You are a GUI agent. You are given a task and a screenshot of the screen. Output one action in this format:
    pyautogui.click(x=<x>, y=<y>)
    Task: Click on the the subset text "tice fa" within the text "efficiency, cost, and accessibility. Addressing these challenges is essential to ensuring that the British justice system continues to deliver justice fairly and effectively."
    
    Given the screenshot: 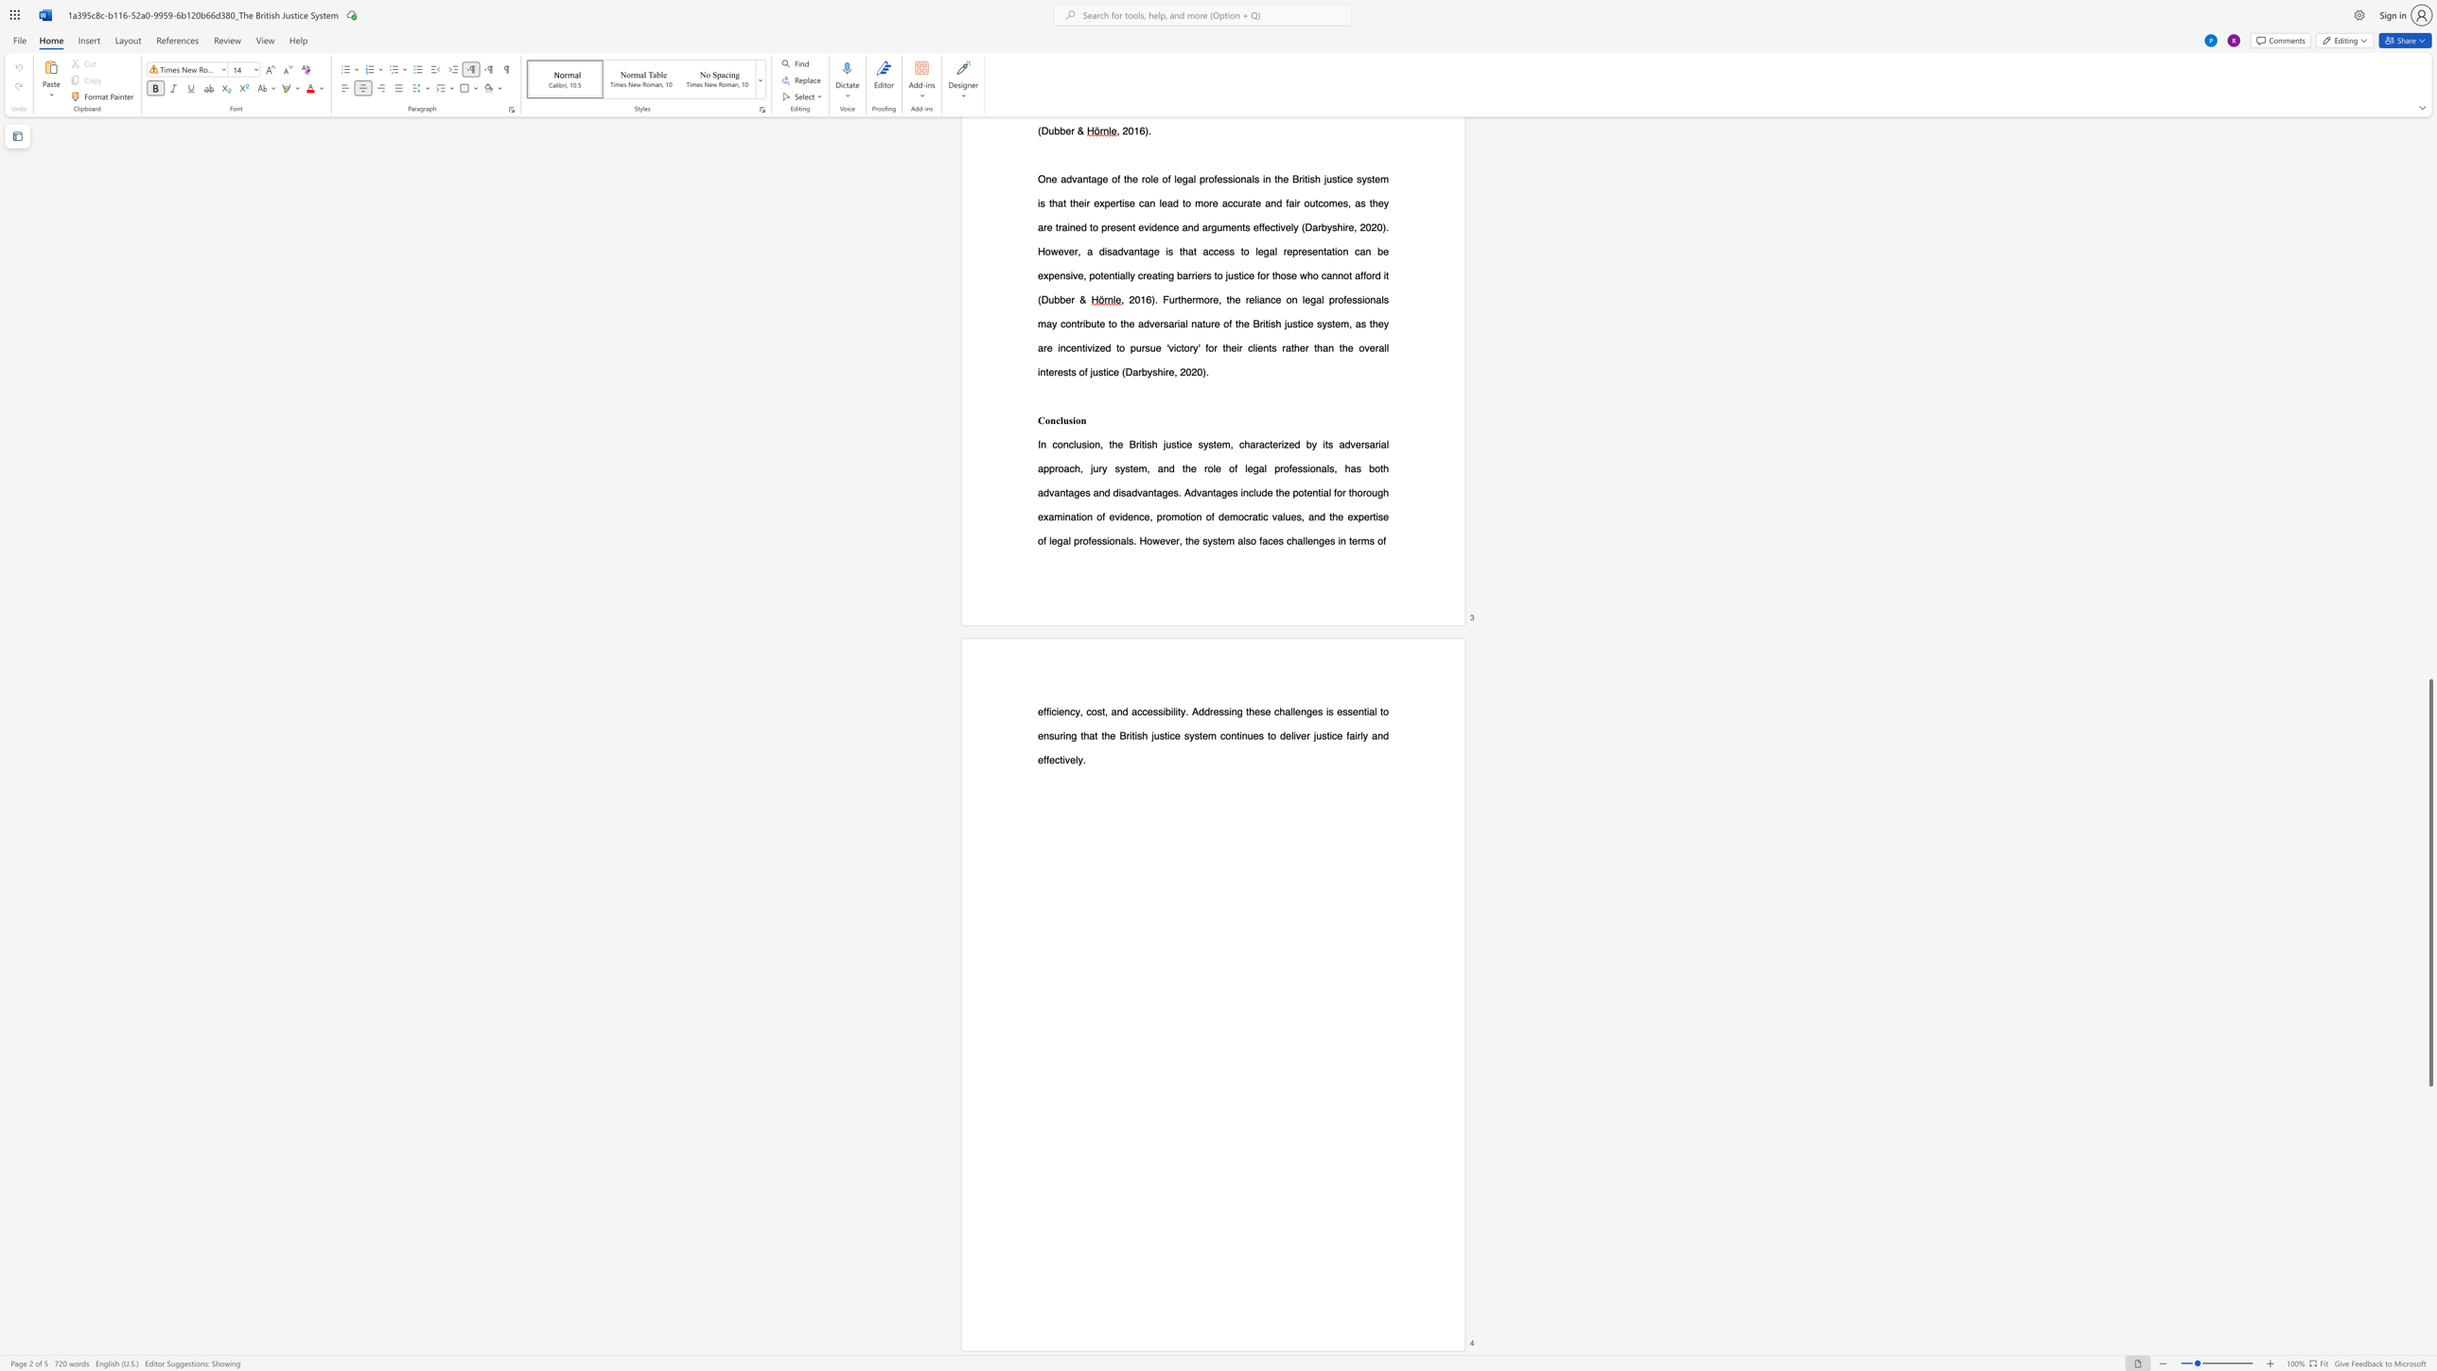 What is the action you would take?
    pyautogui.click(x=1325, y=734)
    